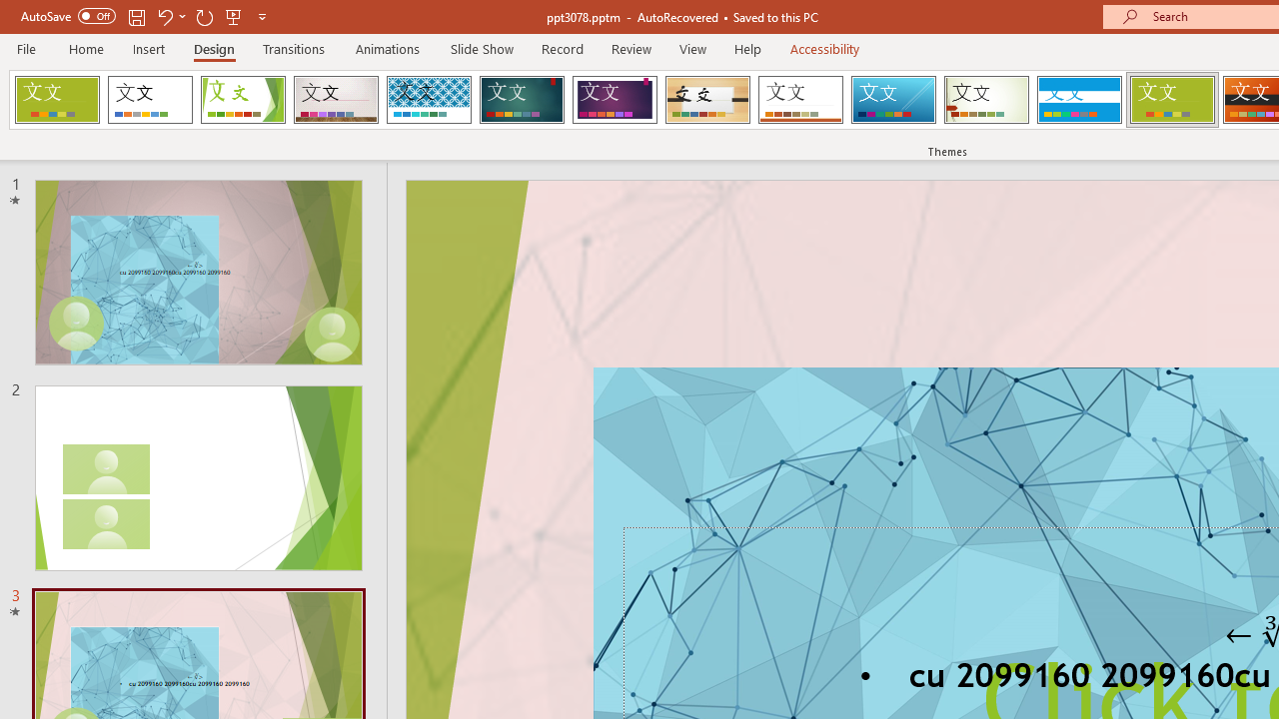 Image resolution: width=1279 pixels, height=719 pixels. Describe the element at coordinates (522, 100) in the screenshot. I see `'Ion'` at that location.